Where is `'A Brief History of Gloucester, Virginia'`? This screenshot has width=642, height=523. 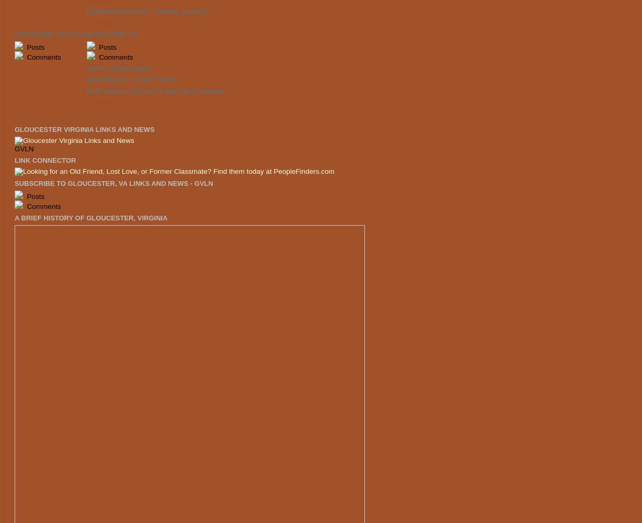
'A Brief History of Gloucester, Virginia' is located at coordinates (90, 217).